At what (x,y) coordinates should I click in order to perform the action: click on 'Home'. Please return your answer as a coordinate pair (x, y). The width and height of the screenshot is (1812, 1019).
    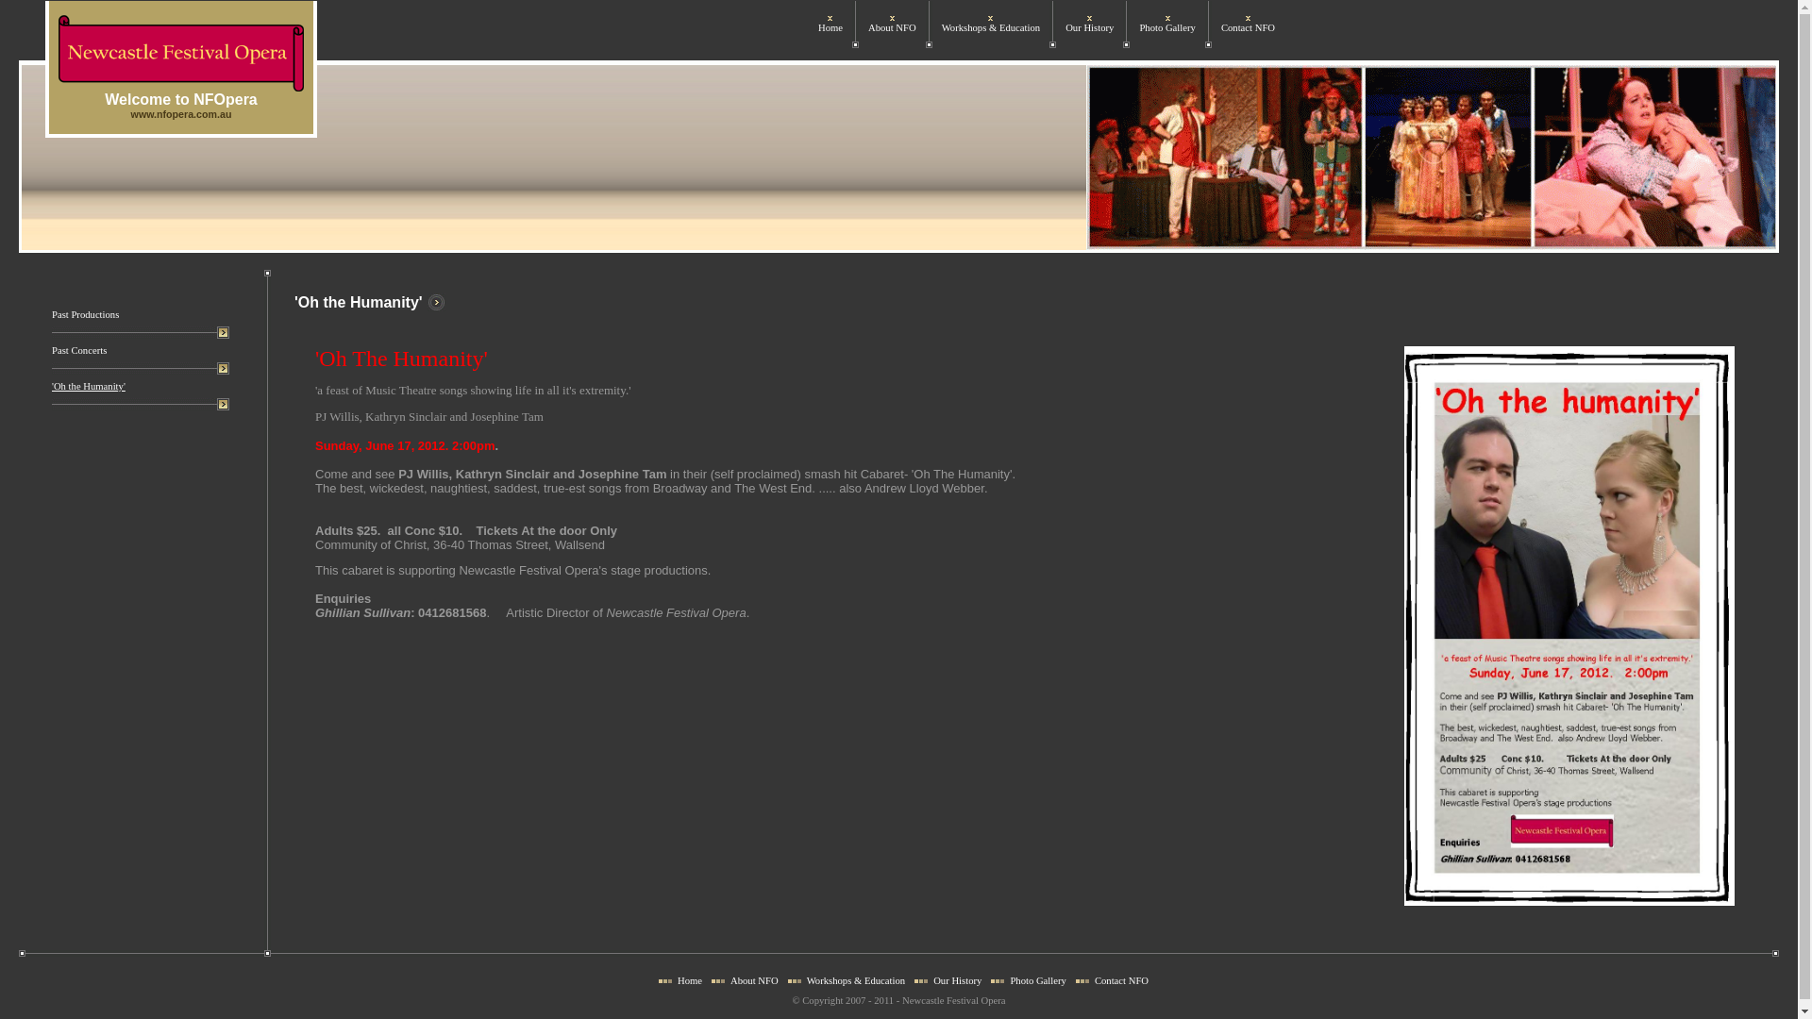
    Looking at the image, I should click on (688, 979).